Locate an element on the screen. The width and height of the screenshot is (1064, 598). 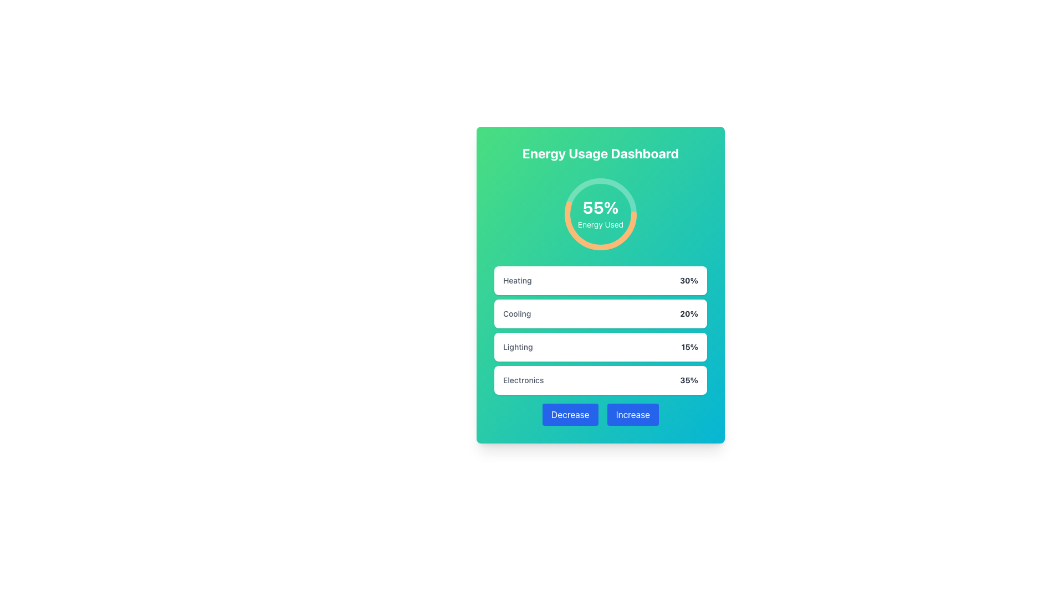
the Text label that displays the percentage value for 'Lighting' in the energy usage metrics is located at coordinates (689, 347).